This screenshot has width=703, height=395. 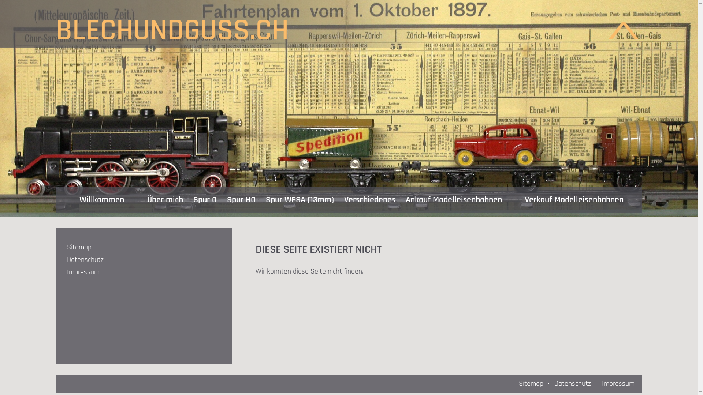 What do you see at coordinates (369, 200) in the screenshot?
I see `'Verschiedenes'` at bounding box center [369, 200].